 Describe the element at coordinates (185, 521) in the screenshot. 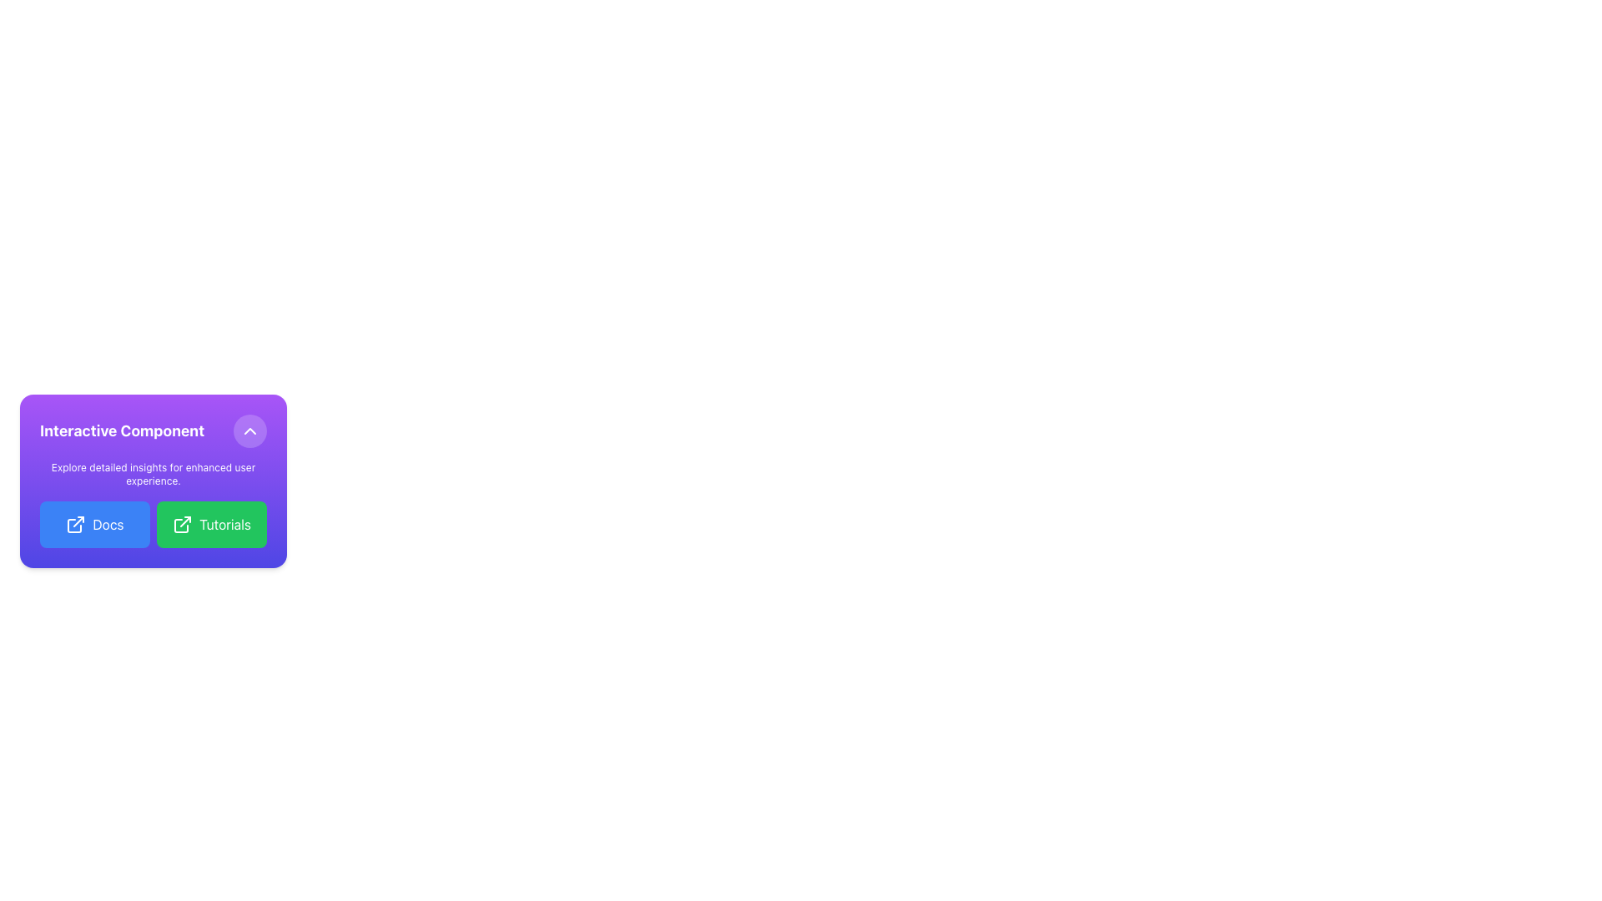

I see `the small angular line graphic resembling an arrow within the green 'Tutorials' button` at that location.